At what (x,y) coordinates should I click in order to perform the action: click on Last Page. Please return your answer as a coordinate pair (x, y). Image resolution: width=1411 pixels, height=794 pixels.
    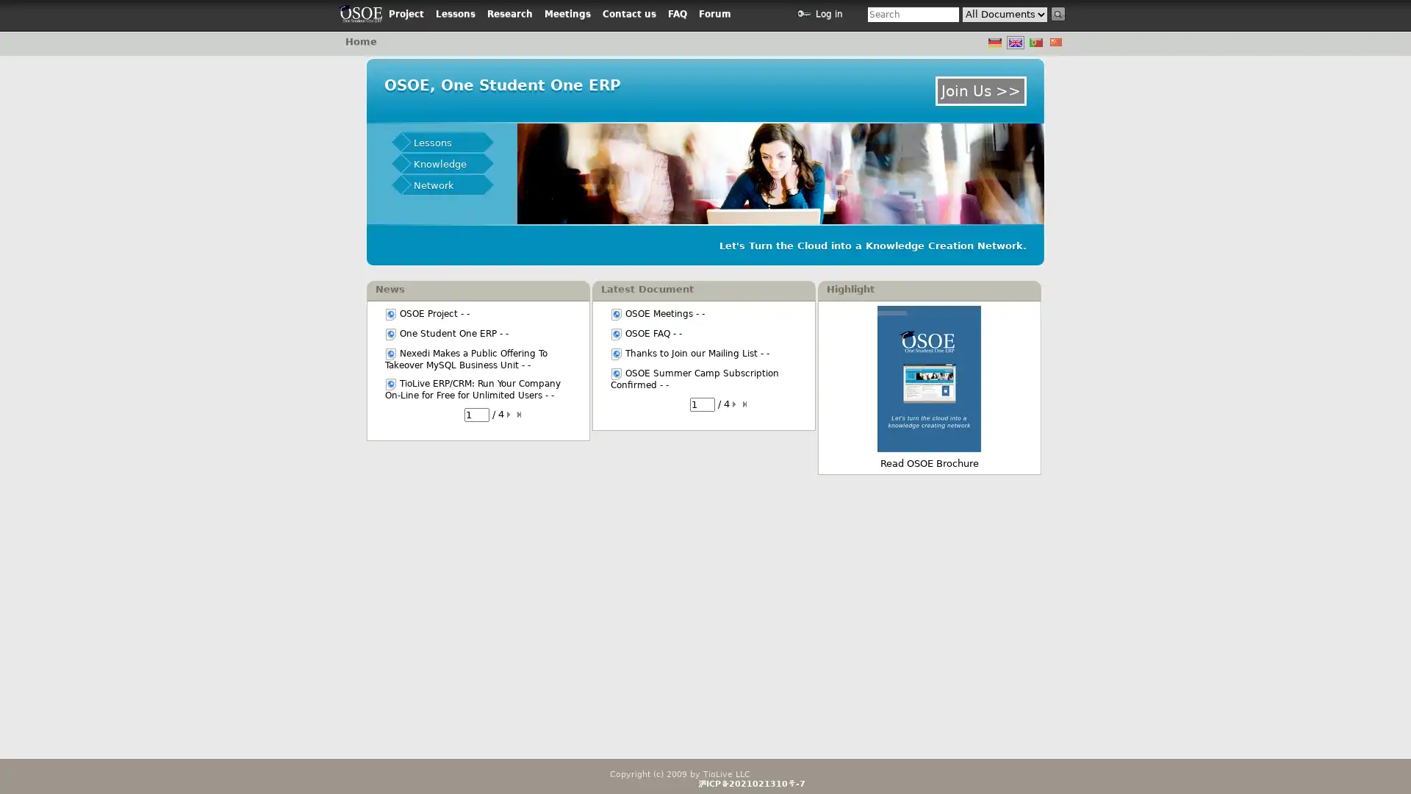
    Looking at the image, I should click on (745, 404).